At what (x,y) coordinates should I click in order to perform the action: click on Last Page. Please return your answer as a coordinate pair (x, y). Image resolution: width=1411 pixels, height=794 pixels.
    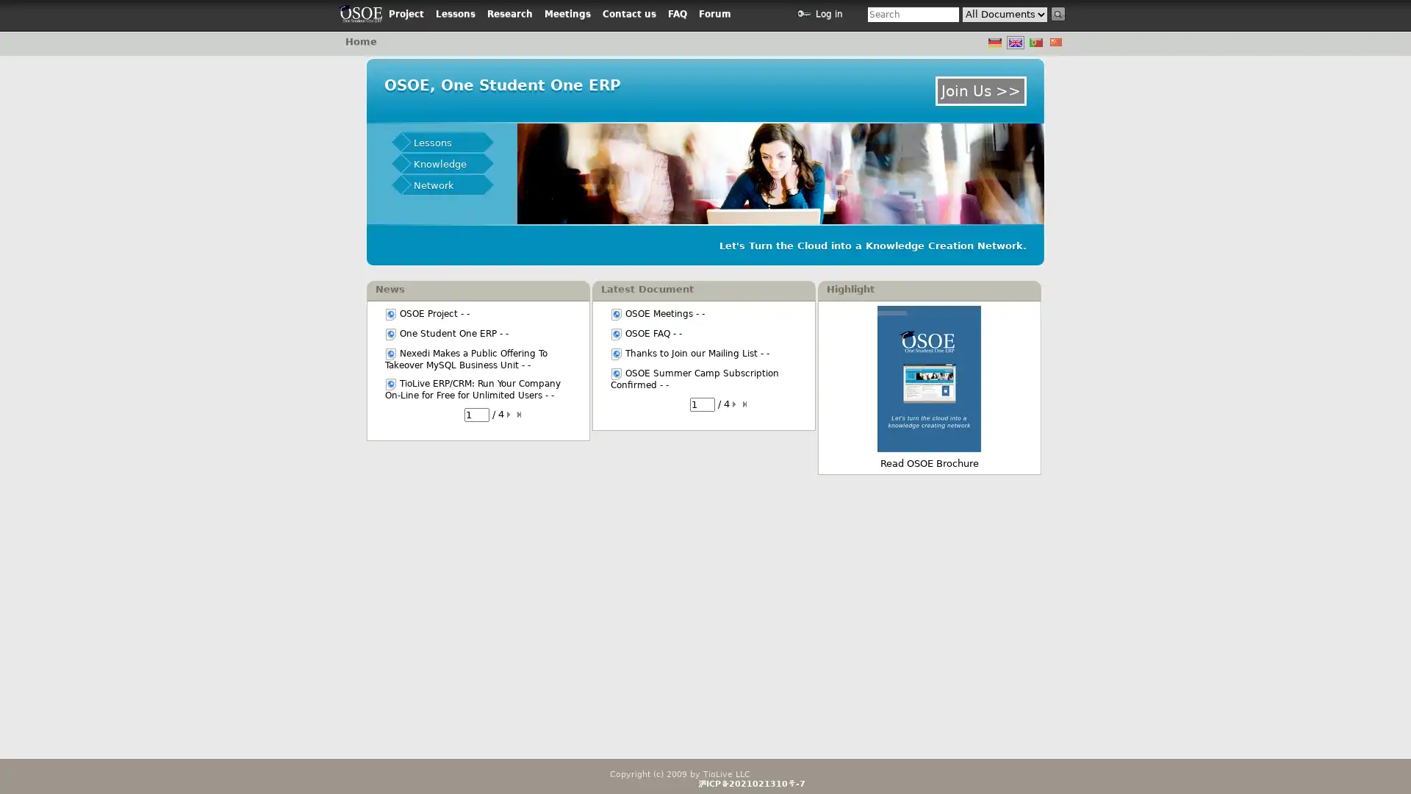
    Looking at the image, I should click on (745, 404).